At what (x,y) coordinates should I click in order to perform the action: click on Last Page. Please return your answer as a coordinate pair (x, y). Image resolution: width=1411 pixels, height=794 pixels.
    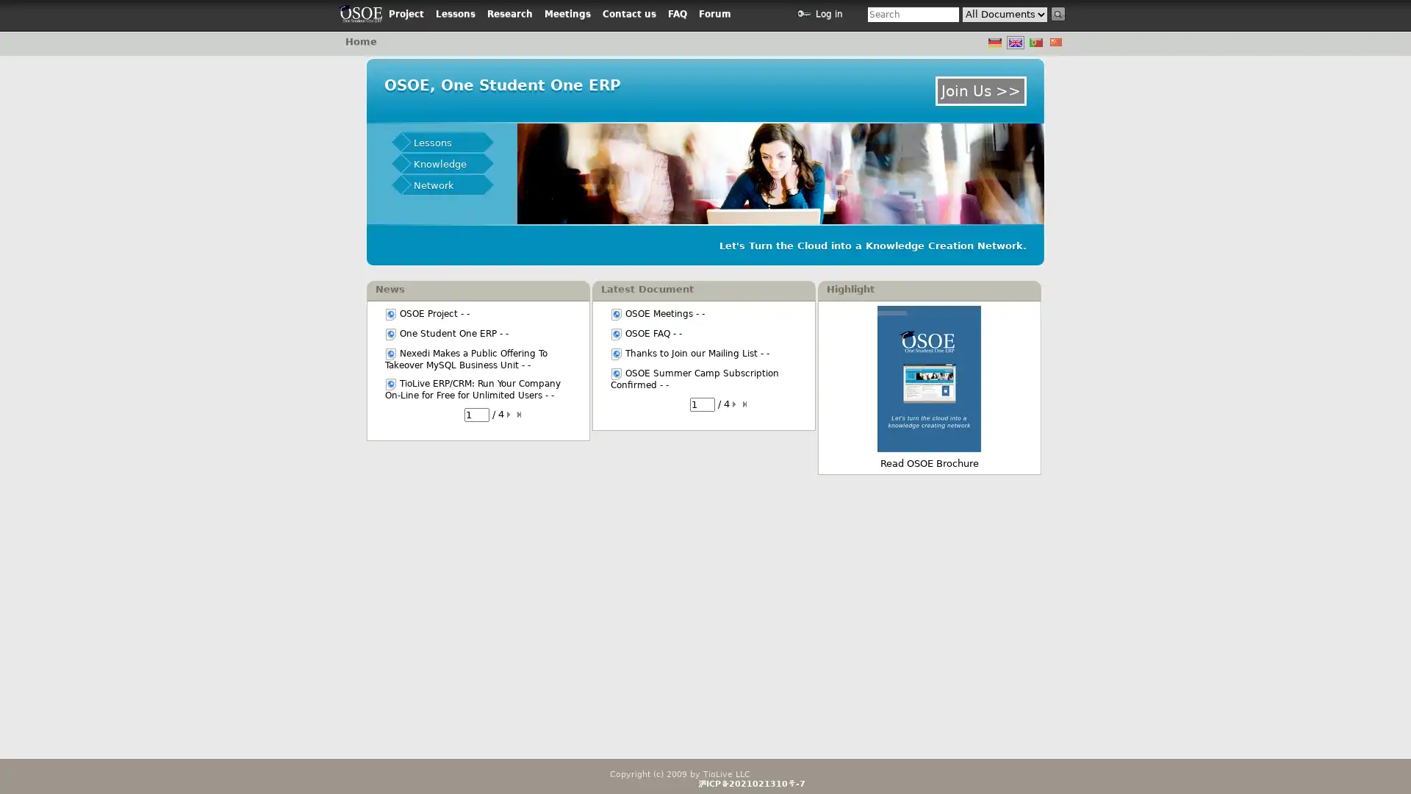
    Looking at the image, I should click on (745, 404).